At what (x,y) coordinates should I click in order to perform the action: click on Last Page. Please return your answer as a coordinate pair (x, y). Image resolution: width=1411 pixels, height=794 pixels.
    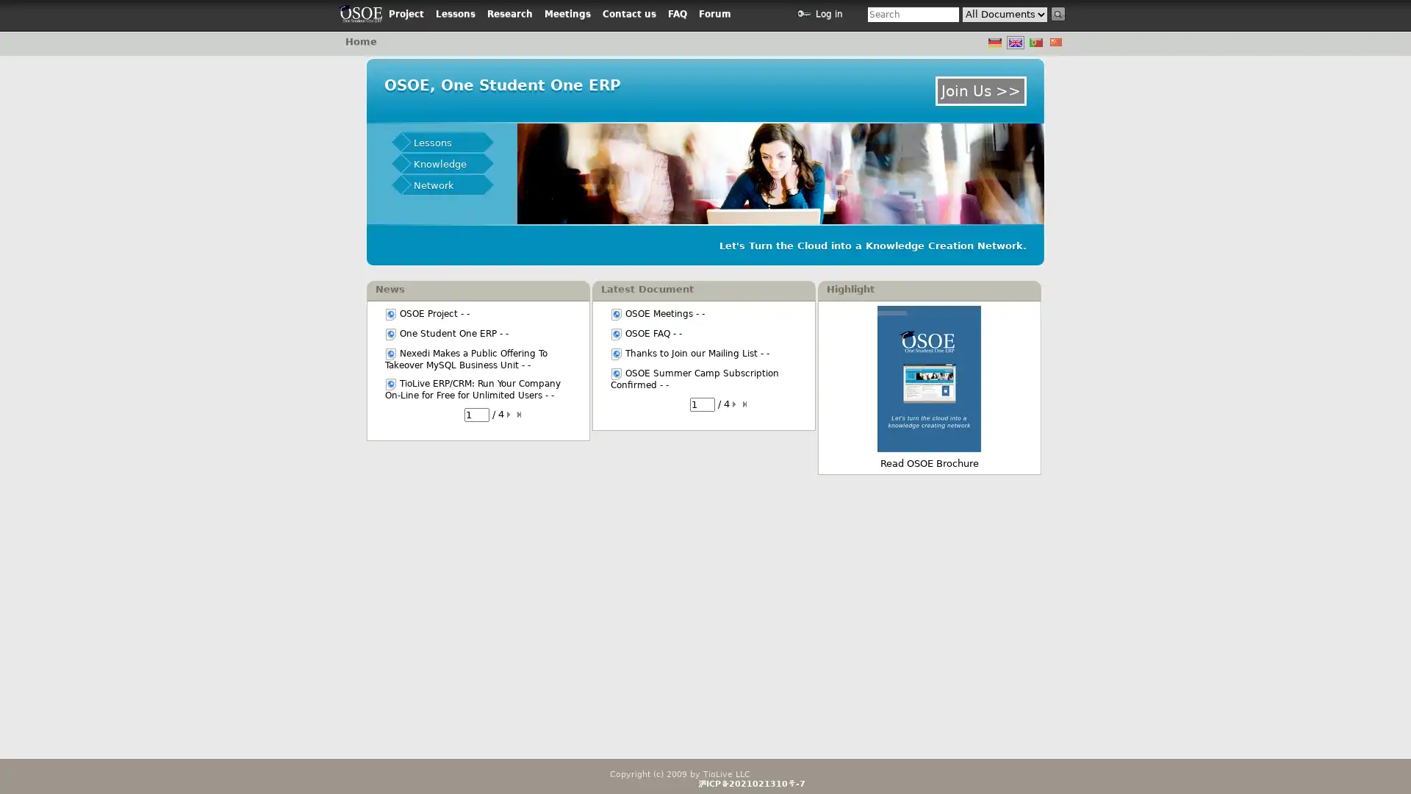
    Looking at the image, I should click on (745, 404).